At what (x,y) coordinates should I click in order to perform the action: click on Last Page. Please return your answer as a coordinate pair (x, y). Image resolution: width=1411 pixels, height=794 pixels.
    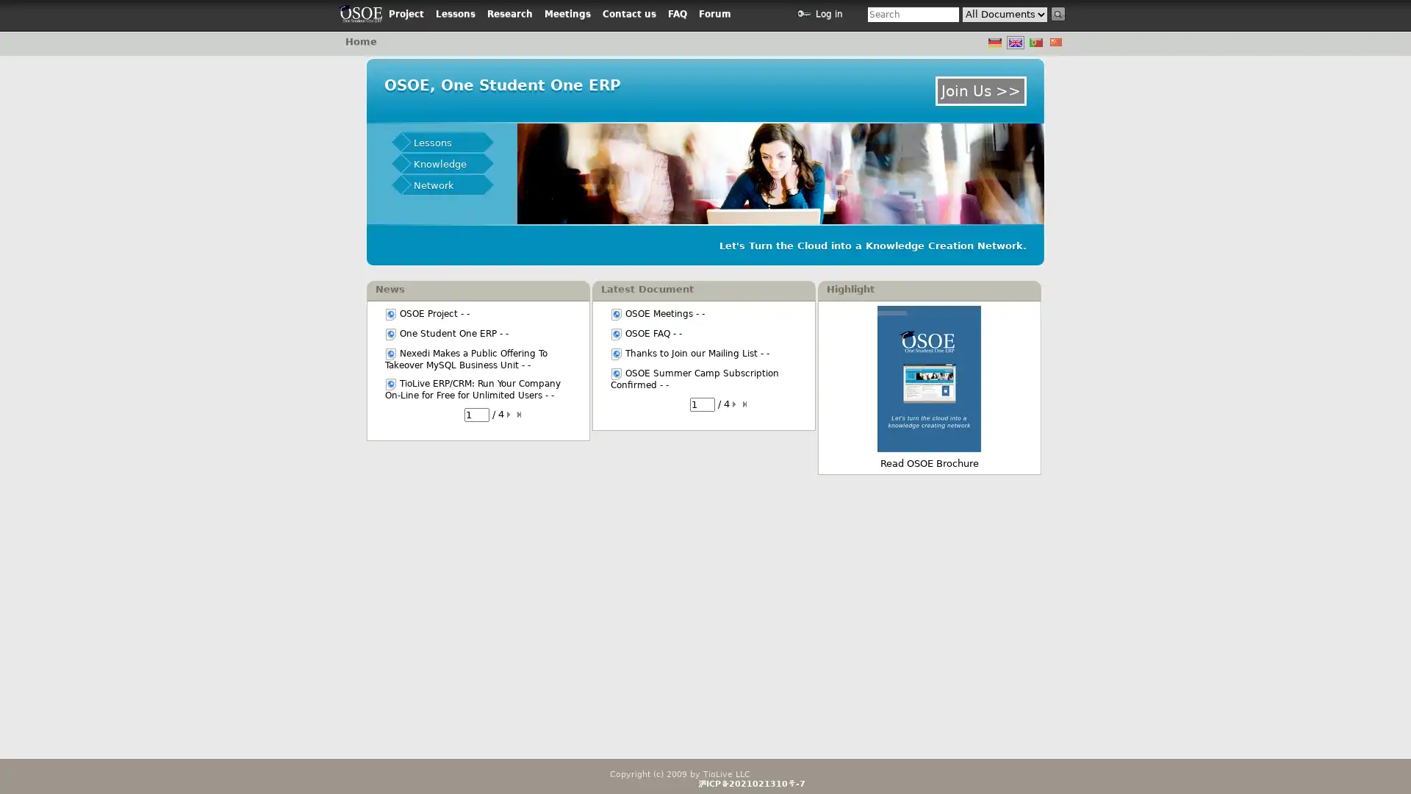
    Looking at the image, I should click on (745, 404).